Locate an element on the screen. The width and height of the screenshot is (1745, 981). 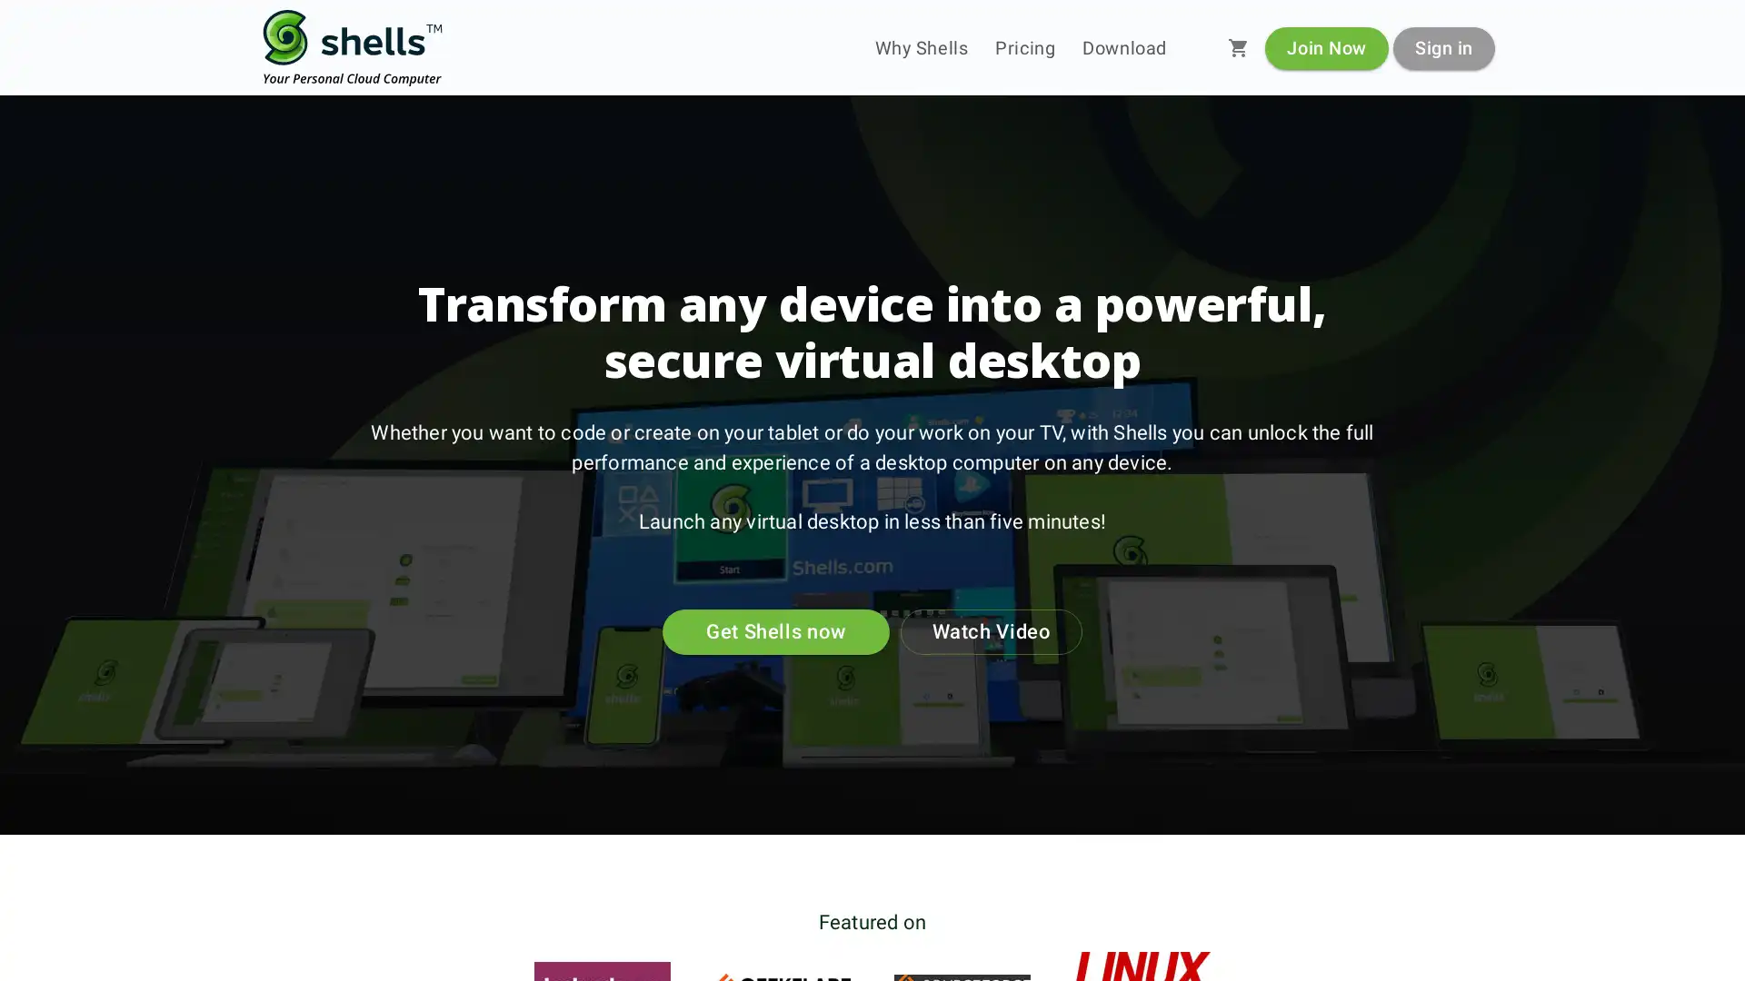
Join Now is located at coordinates (1326, 46).